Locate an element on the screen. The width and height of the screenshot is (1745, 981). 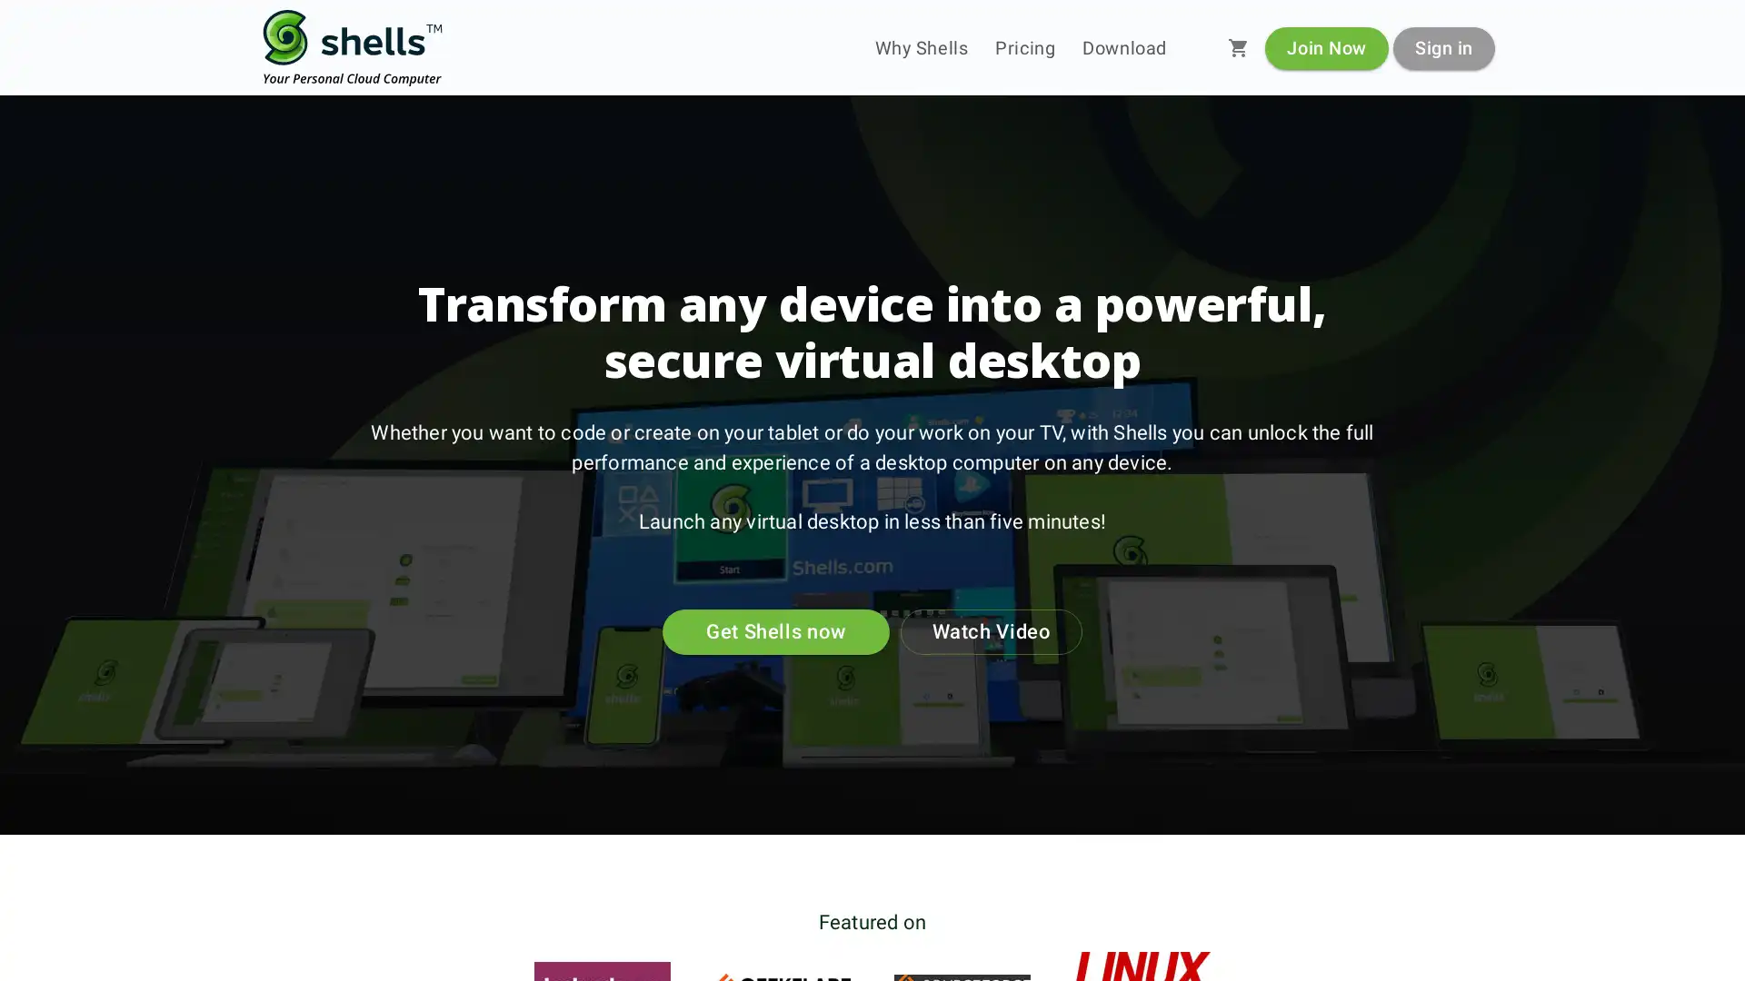
Join Now is located at coordinates (1326, 46).